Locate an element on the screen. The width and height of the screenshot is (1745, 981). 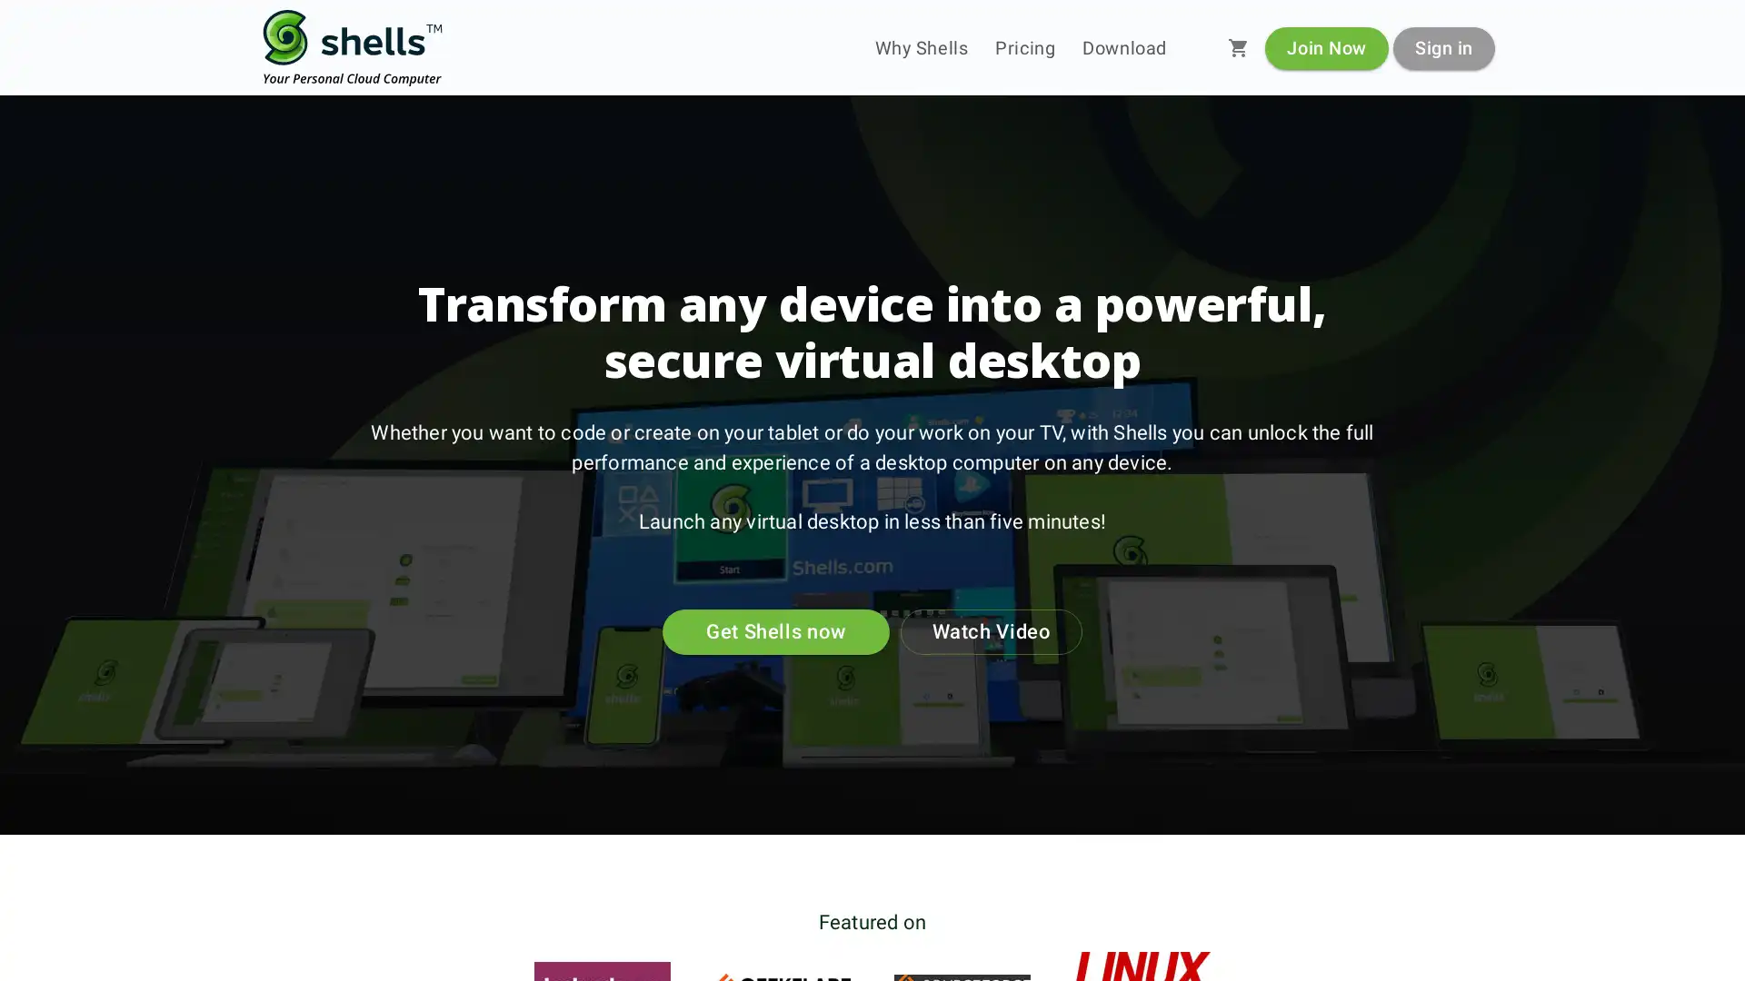
Join Now is located at coordinates (1326, 46).